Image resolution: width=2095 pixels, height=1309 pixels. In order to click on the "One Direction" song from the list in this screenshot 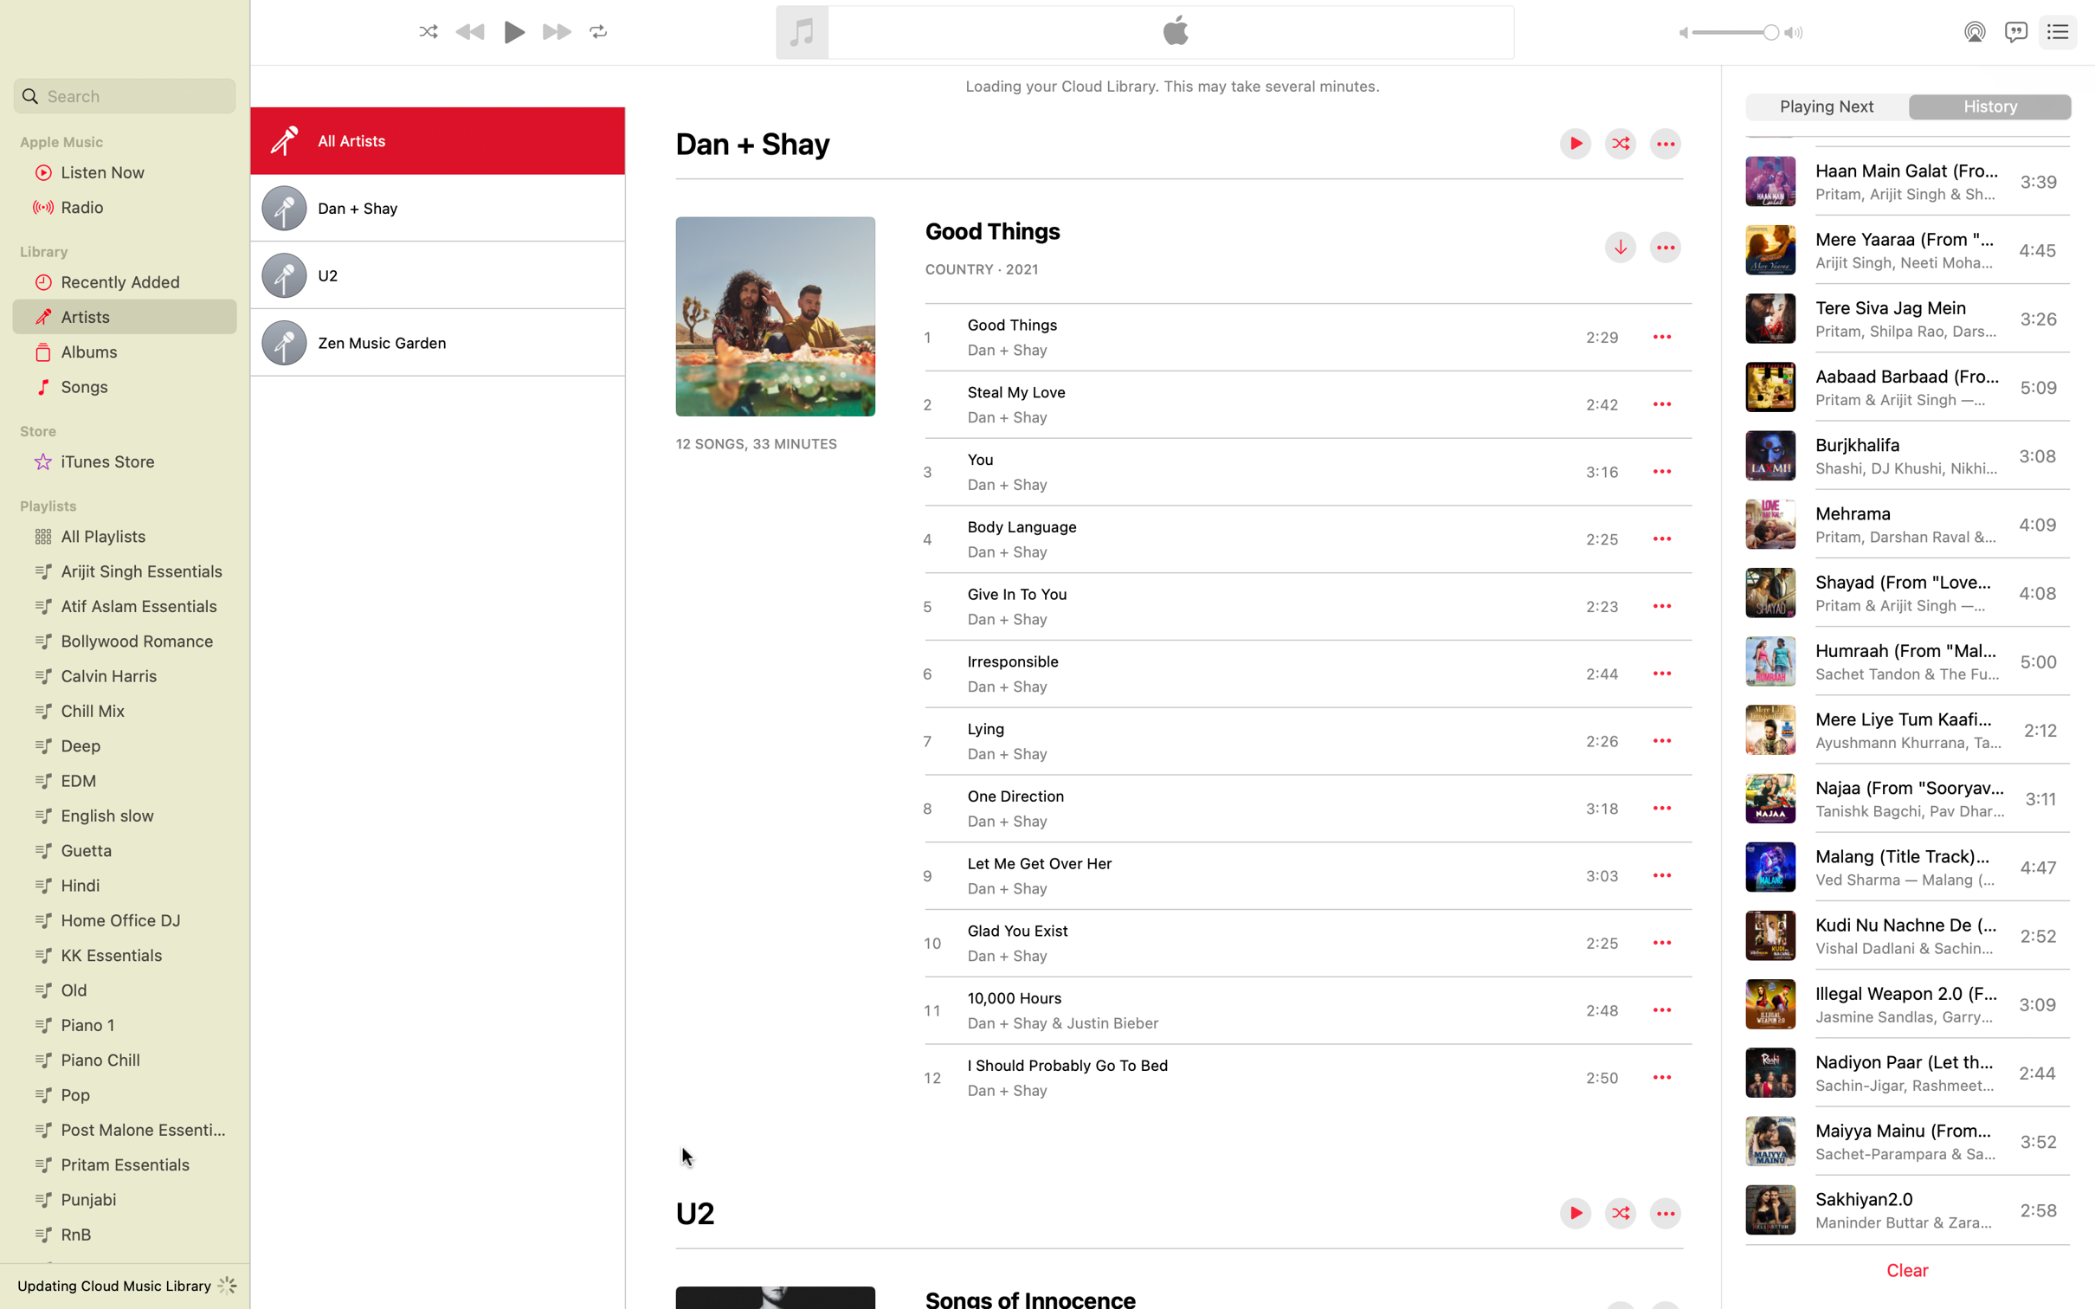, I will do `click(1269, 806)`.